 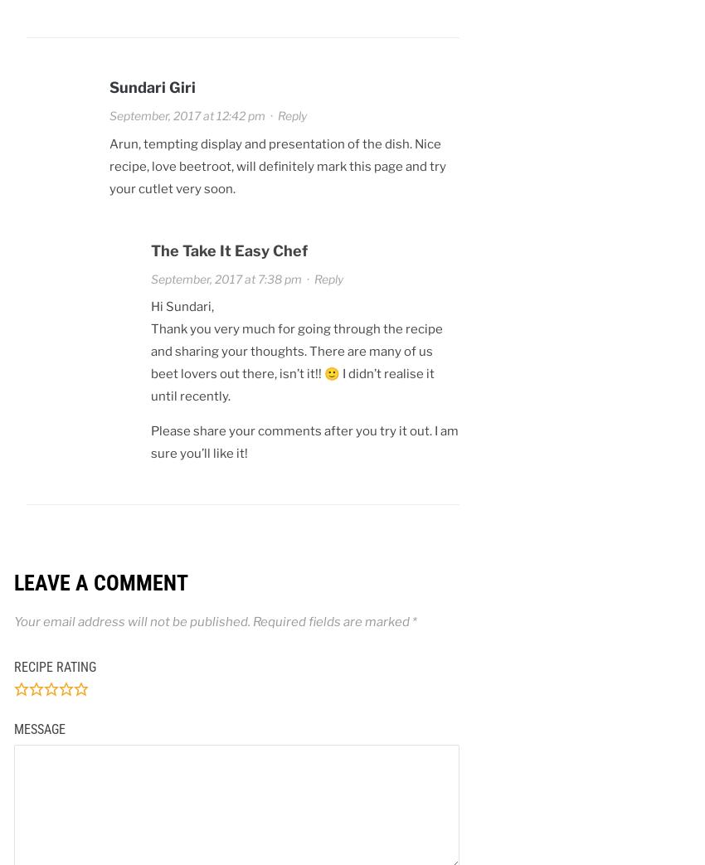 I want to click on 'Arun, tempting display and presentation of the dish. Nice recipe, love beetroot, will definitely mark this page and try your cutlet very soon.', so click(x=277, y=165).